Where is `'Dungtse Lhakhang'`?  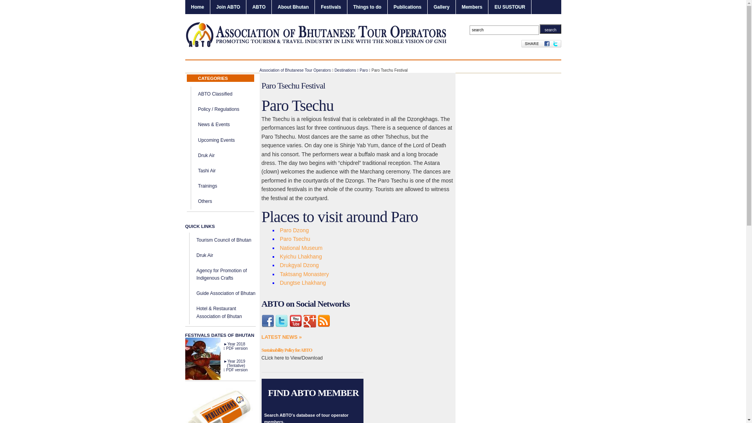 'Dungtse Lhakhang' is located at coordinates (302, 282).